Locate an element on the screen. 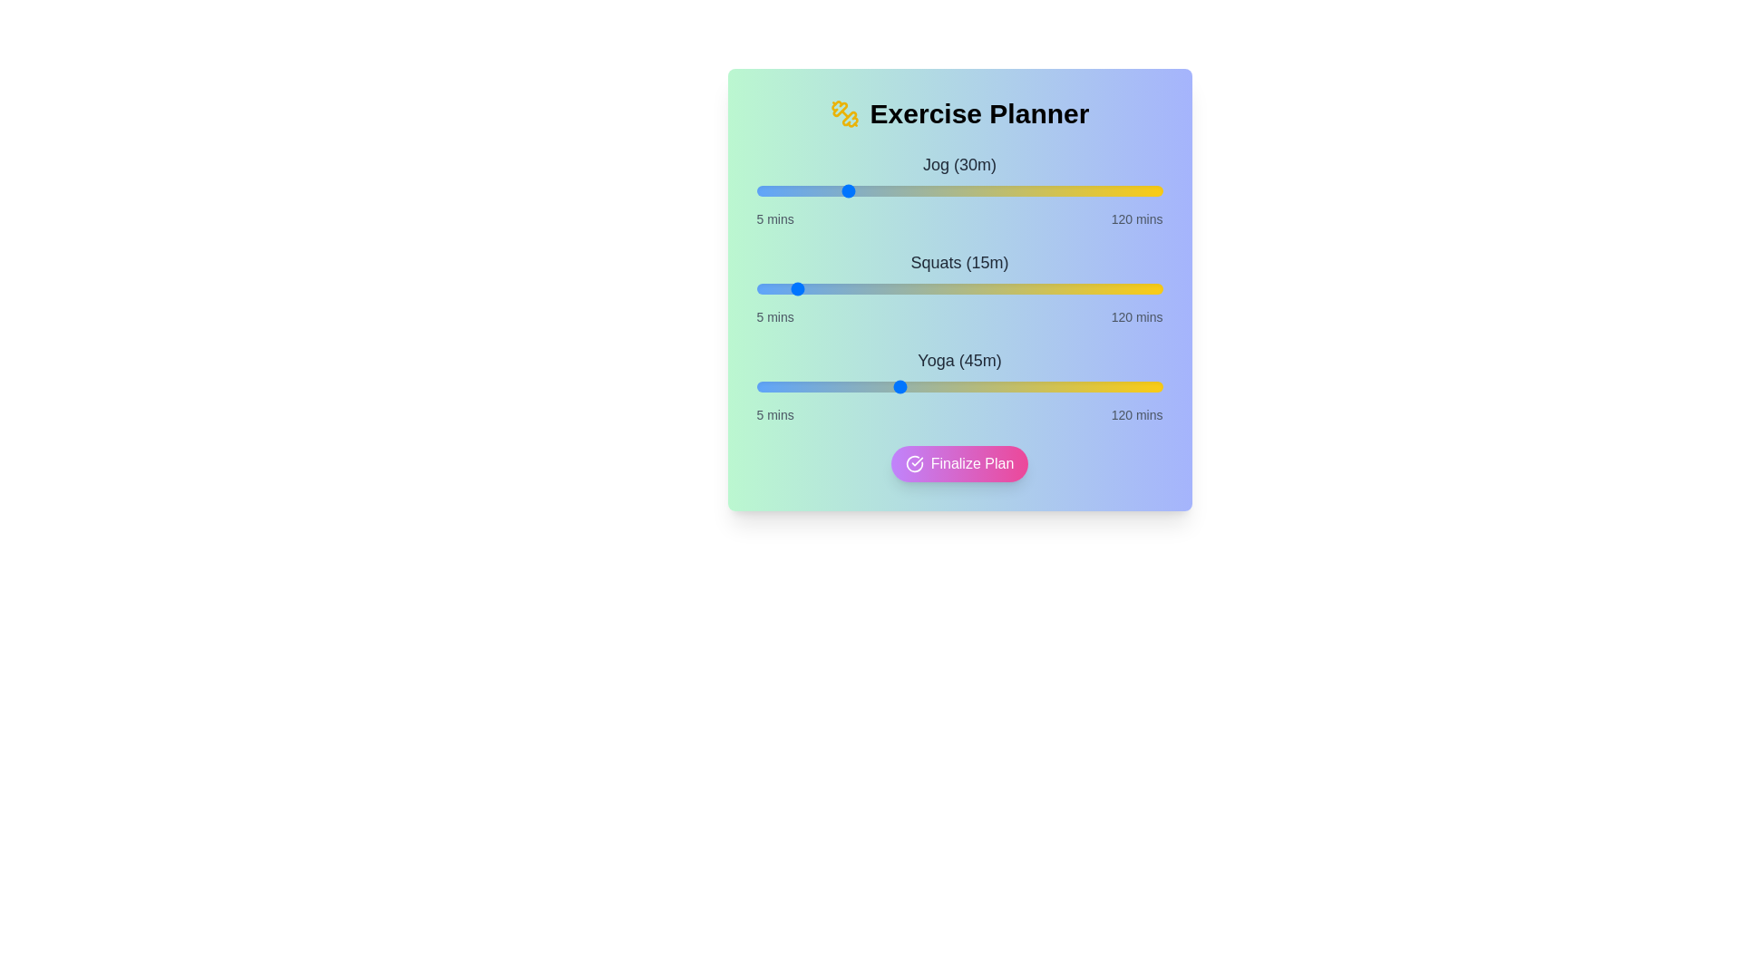 This screenshot has width=1741, height=979. the duration of the 0 slider to 109 minutes is located at coordinates (1123, 191).